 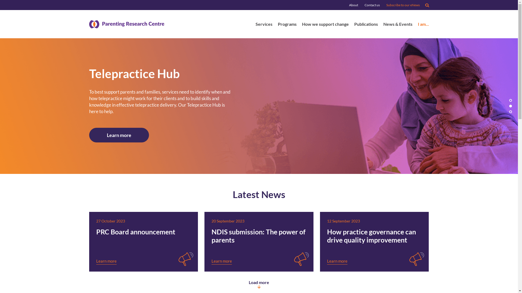 What do you see at coordinates (403, 5) in the screenshot?
I see `'Subscribe to our eNews'` at bounding box center [403, 5].